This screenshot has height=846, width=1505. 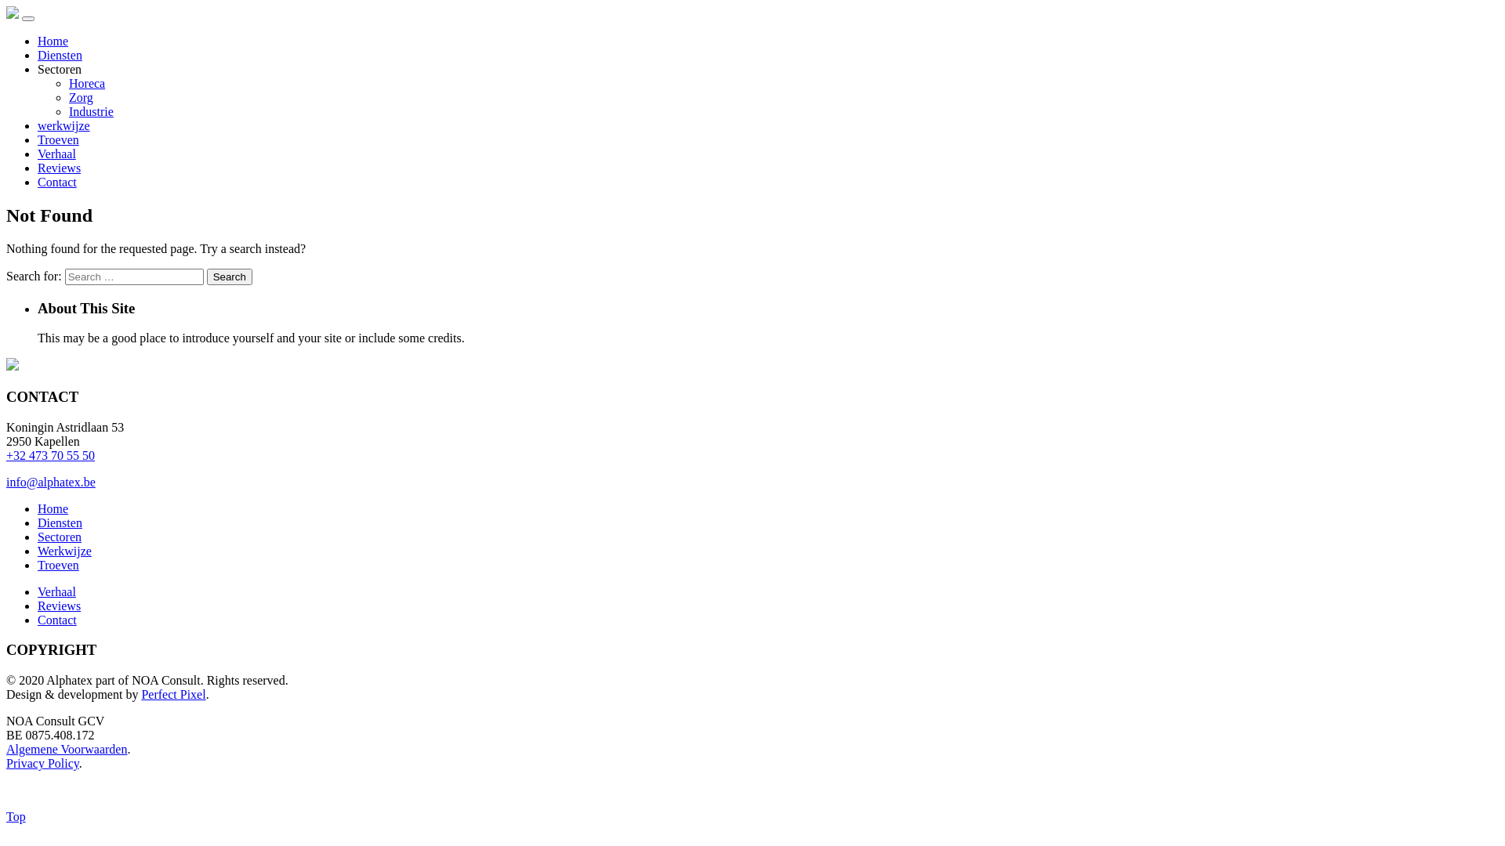 What do you see at coordinates (60, 522) in the screenshot?
I see `'Diensten'` at bounding box center [60, 522].